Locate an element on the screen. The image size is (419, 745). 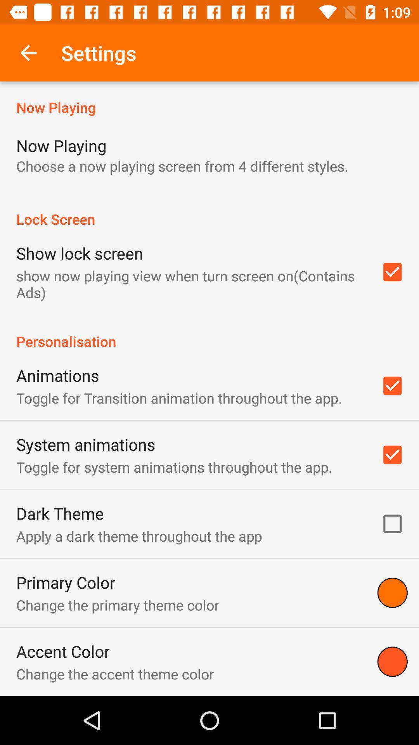
the choose a now item is located at coordinates (182, 166).